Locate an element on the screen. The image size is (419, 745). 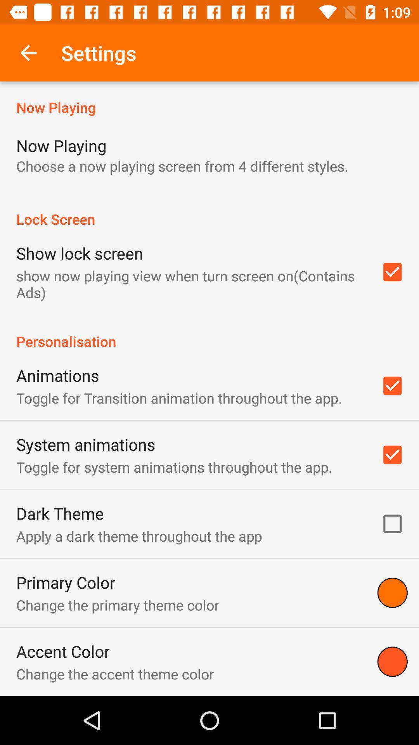
the choose a now item is located at coordinates (182, 166).